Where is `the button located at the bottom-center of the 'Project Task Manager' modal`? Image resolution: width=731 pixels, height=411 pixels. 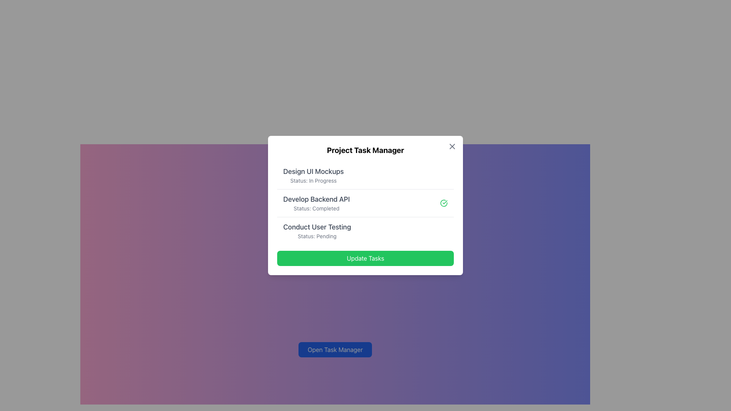
the button located at the bottom-center of the 'Project Task Manager' modal is located at coordinates (365, 258).